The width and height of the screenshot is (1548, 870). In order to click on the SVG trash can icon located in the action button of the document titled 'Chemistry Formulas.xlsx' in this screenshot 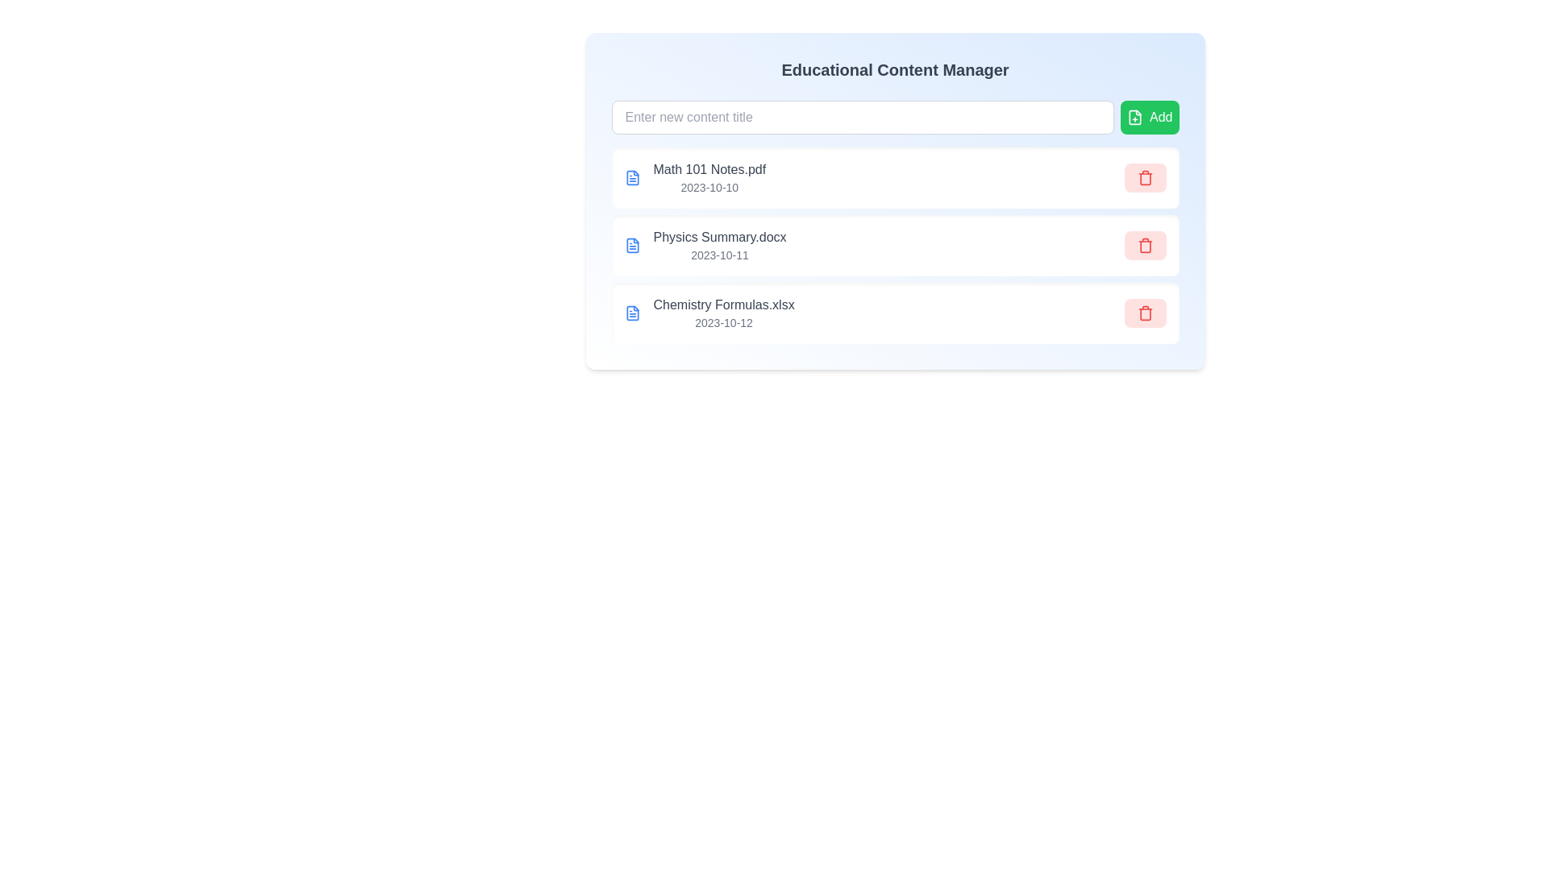, I will do `click(1144, 313)`.